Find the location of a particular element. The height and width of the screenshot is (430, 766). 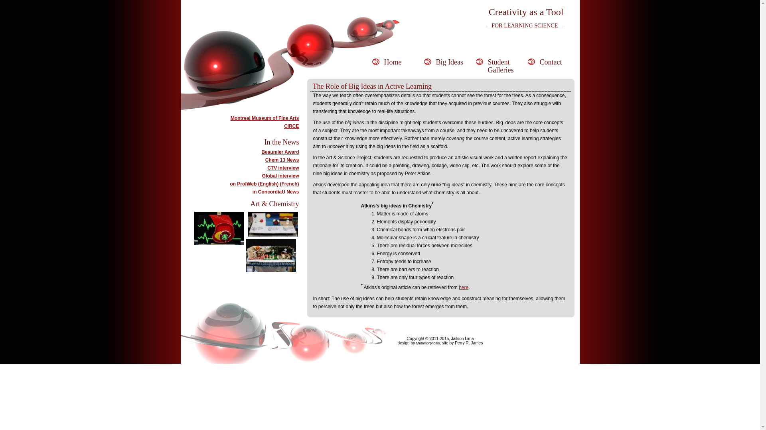

'Beaumier Award' is located at coordinates (280, 152).